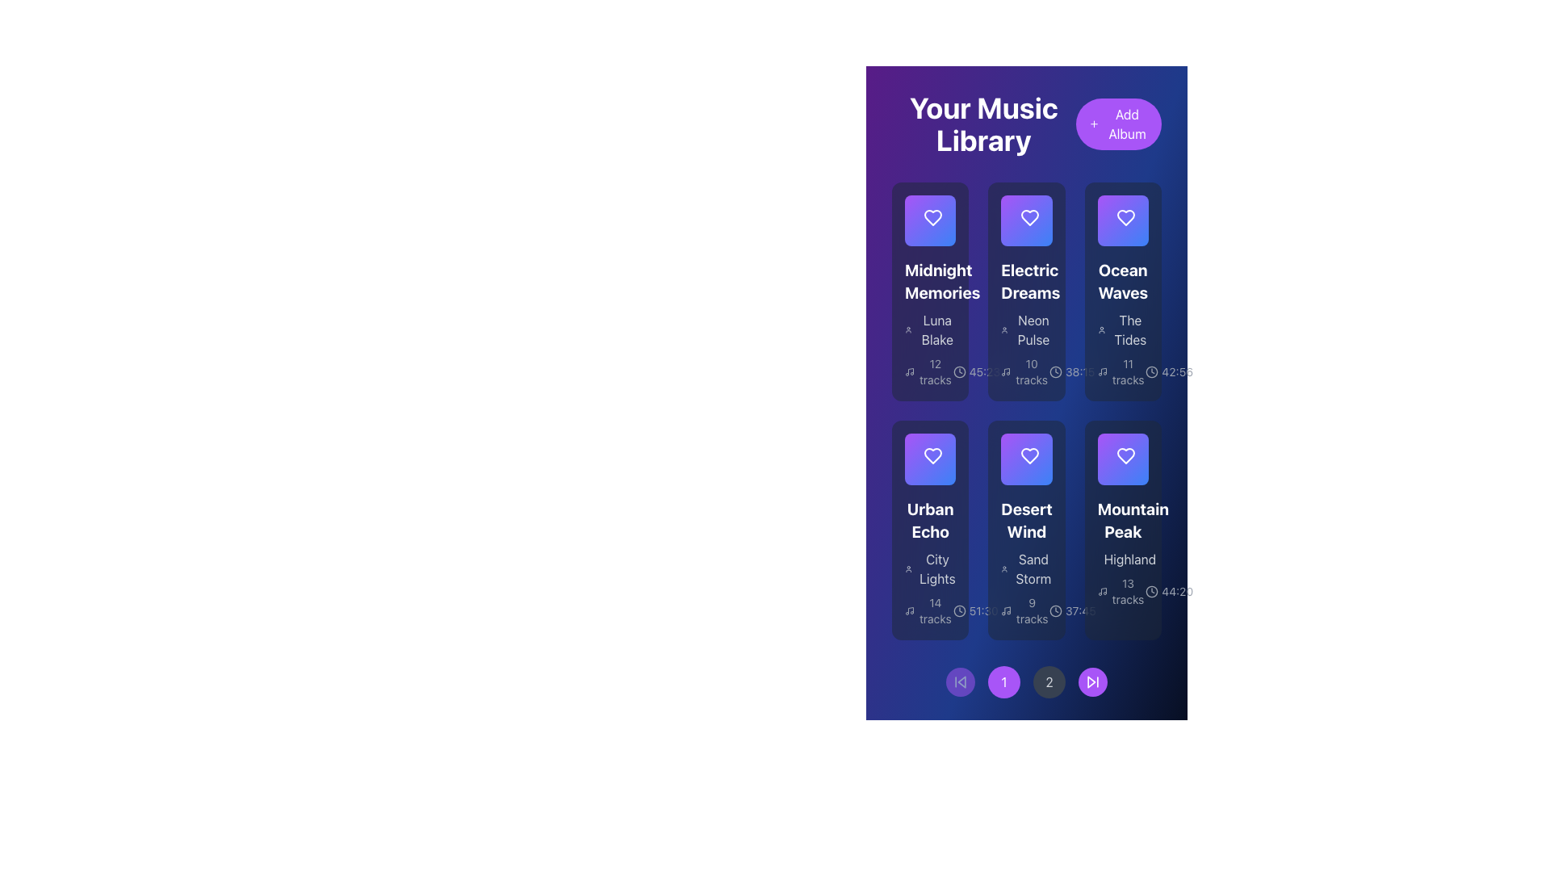 Image resolution: width=1550 pixels, height=872 pixels. I want to click on the button located at the top left corner of the 'Midnight Memories' card in the music library to interact with it, so click(930, 220).